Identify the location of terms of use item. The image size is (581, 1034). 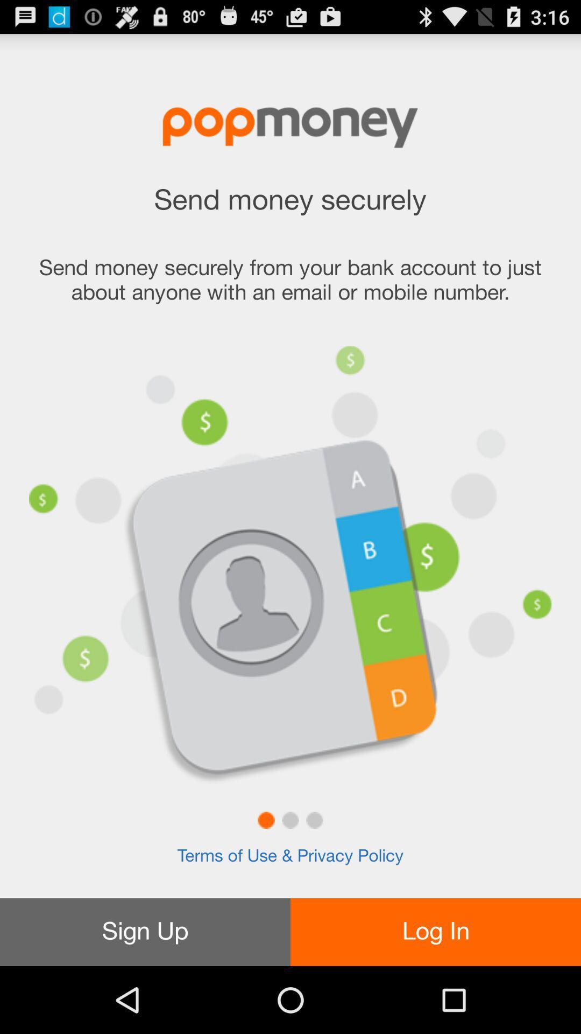
(290, 856).